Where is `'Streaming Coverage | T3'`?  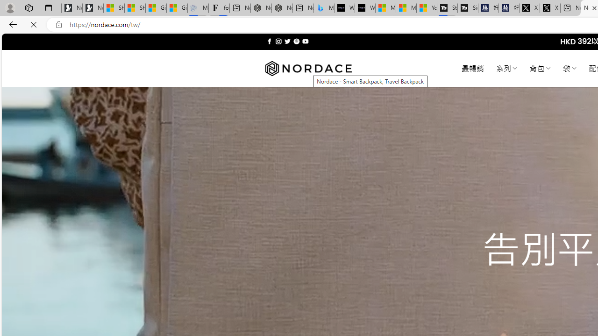 'Streaming Coverage | T3' is located at coordinates (447, 8).